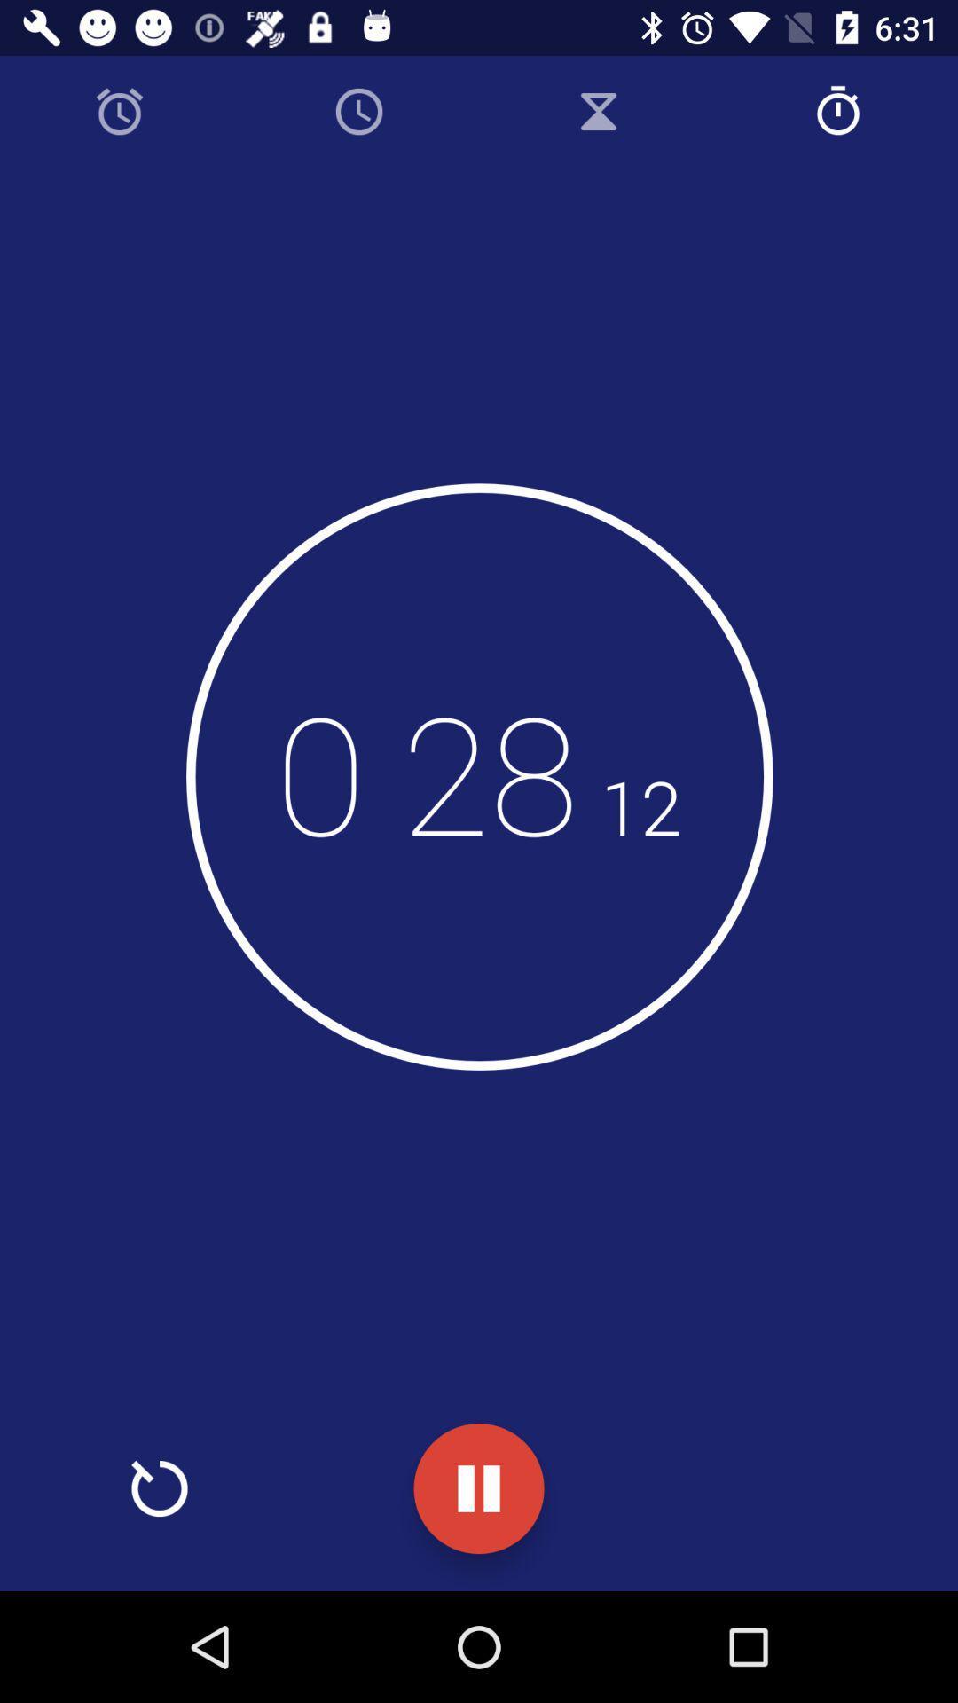 This screenshot has width=958, height=1703. What do you see at coordinates (479, 1488) in the screenshot?
I see `the pause icon` at bounding box center [479, 1488].